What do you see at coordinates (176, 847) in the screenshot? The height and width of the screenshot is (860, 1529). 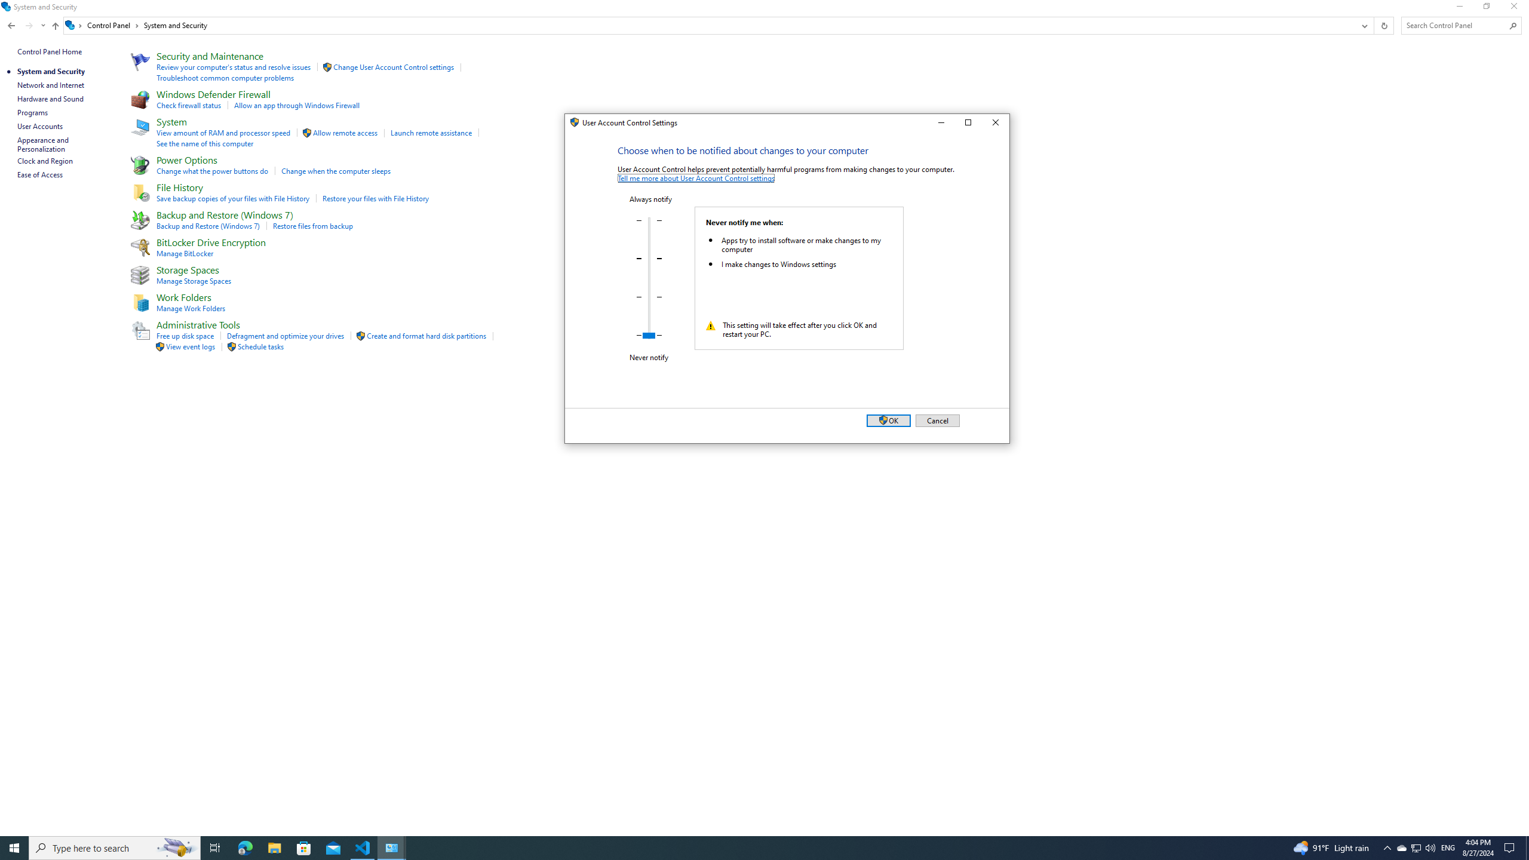 I see `'Search highlights icon opens search home window'` at bounding box center [176, 847].